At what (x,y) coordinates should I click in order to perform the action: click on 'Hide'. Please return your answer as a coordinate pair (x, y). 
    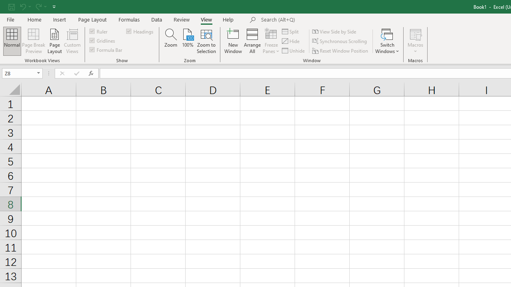
    Looking at the image, I should click on (291, 41).